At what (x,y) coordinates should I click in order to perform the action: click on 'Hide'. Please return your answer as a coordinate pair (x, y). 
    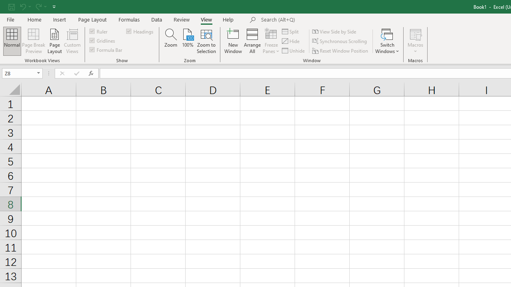
    Looking at the image, I should click on (291, 41).